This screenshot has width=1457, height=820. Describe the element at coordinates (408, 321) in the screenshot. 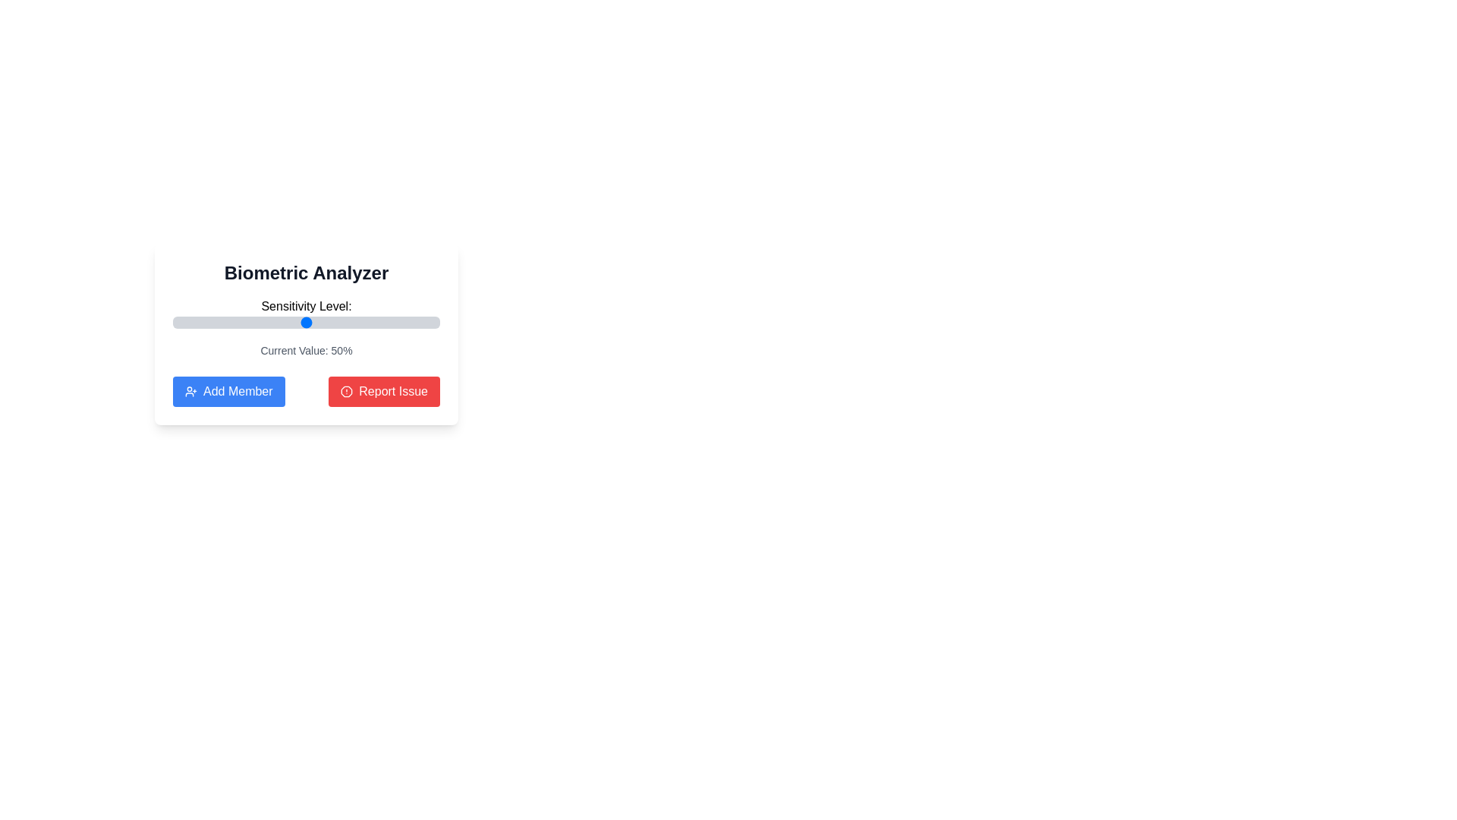

I see `the sensitivity level` at that location.